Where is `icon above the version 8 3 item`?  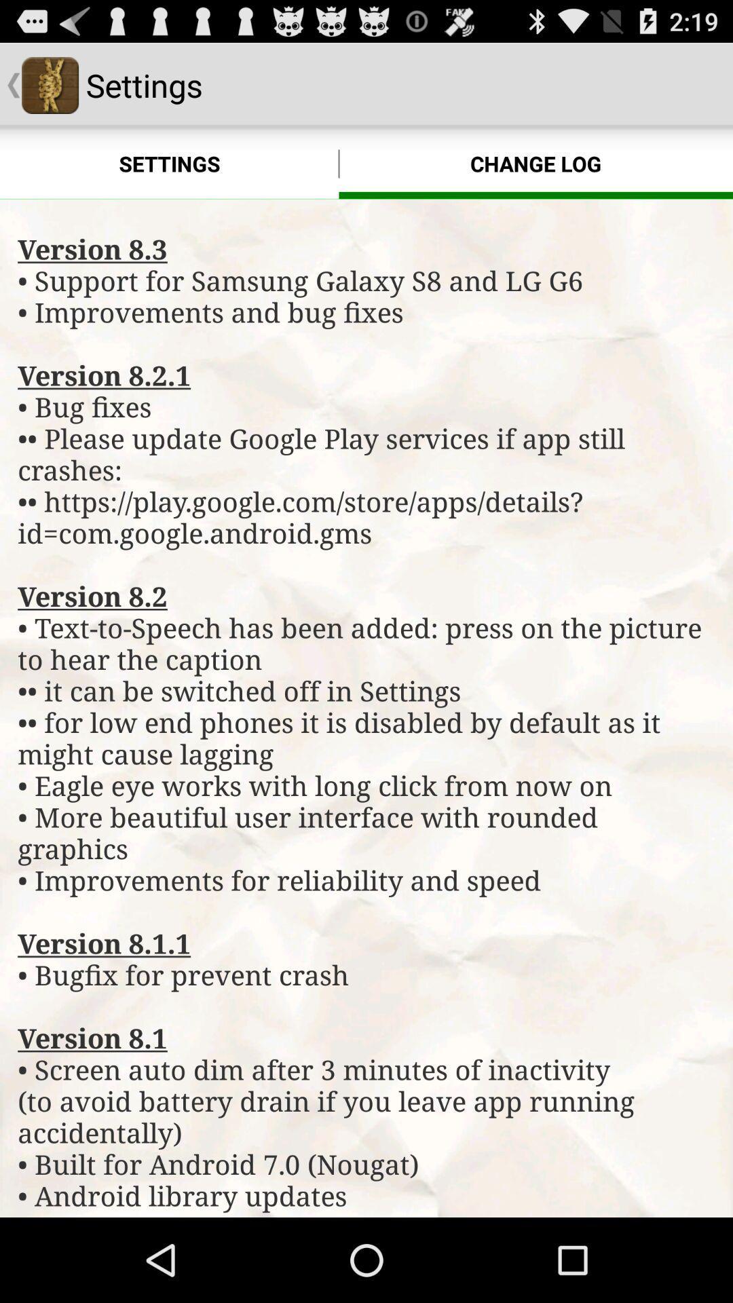
icon above the version 8 3 item is located at coordinates (535, 163).